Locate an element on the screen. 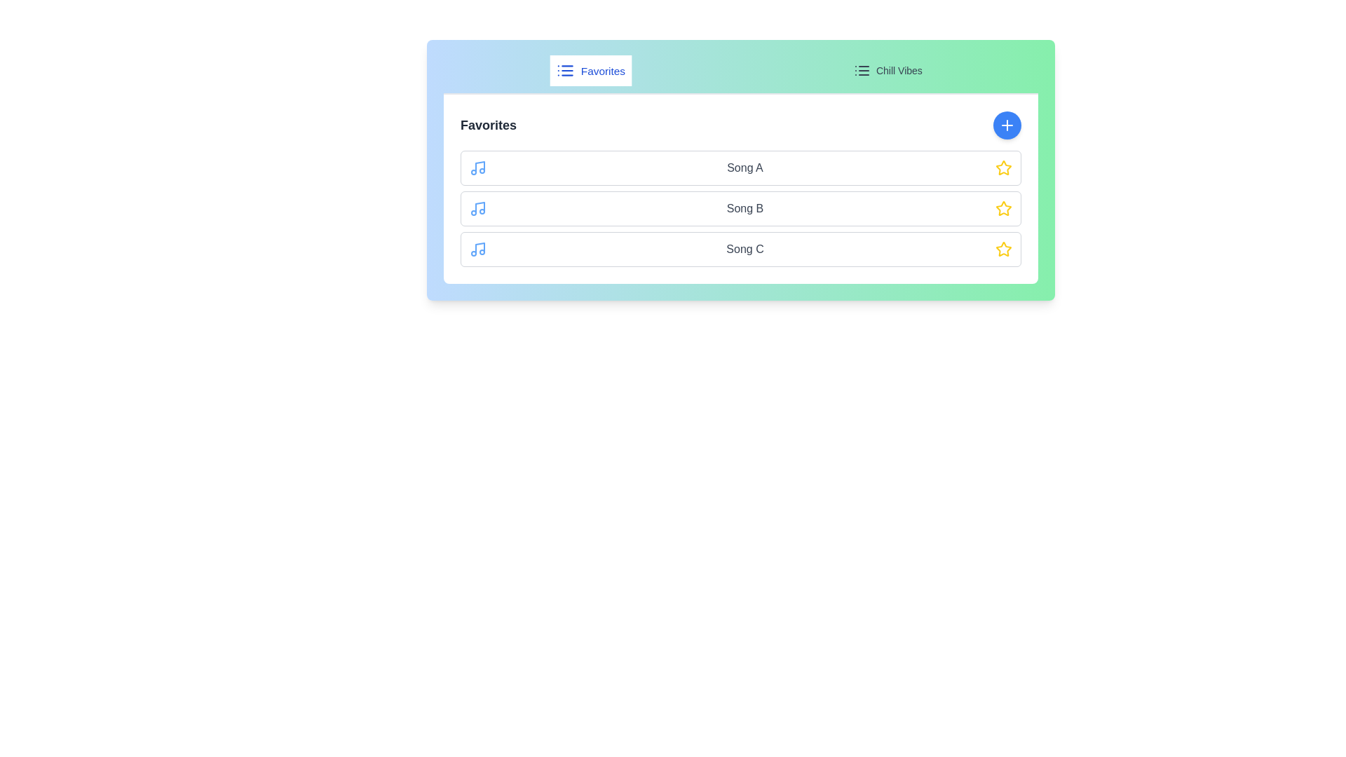 Image resolution: width=1346 pixels, height=757 pixels. the playlist Chill Vibes is located at coordinates (887, 70).